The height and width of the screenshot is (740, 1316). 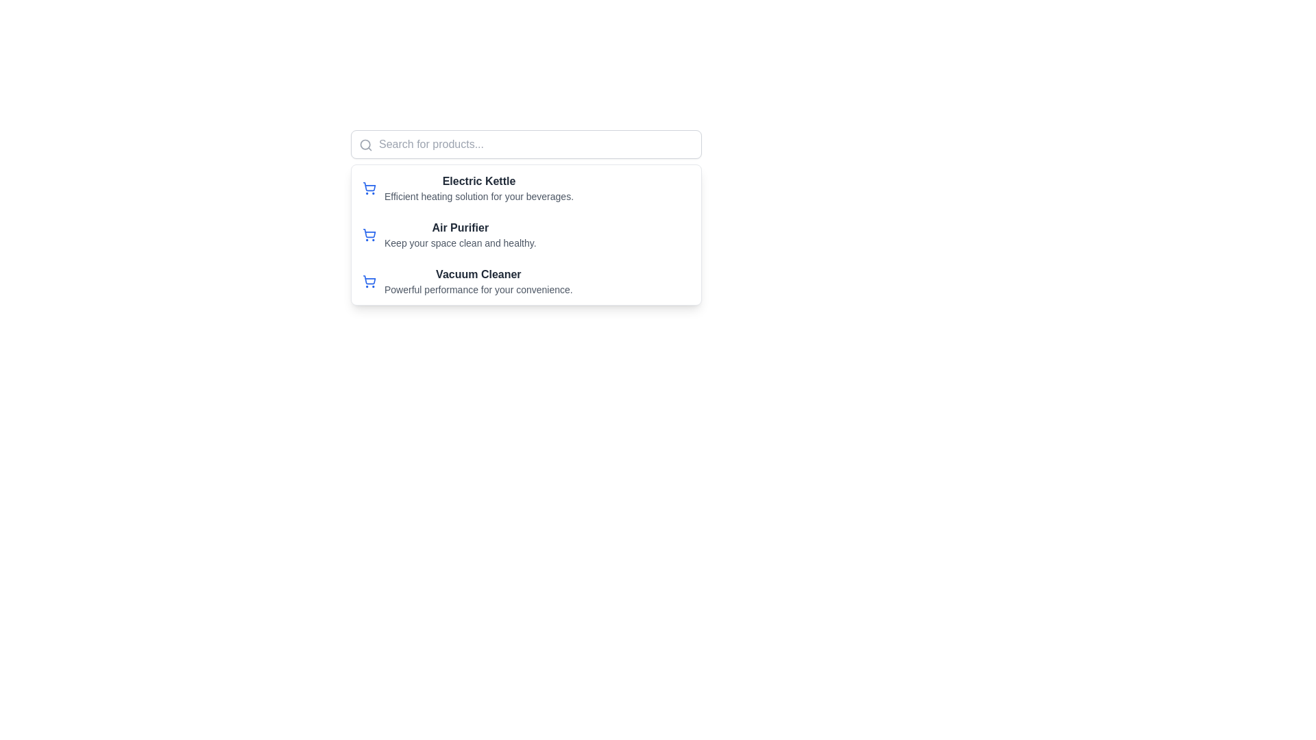 I want to click on the icon representing the option, so click(x=369, y=281).